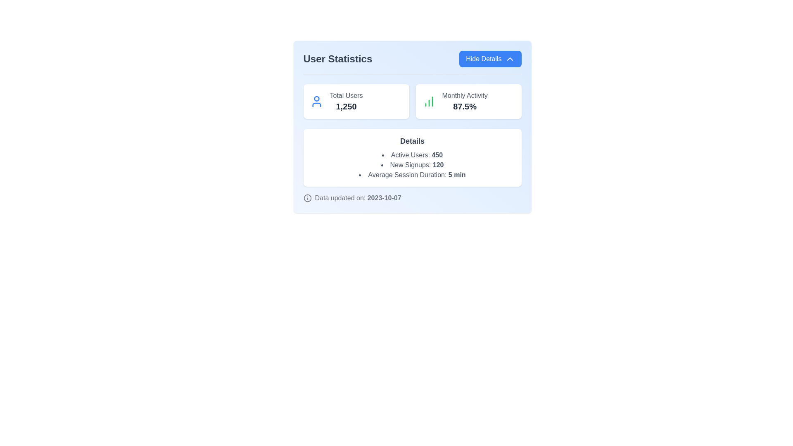 Image resolution: width=793 pixels, height=446 pixels. What do you see at coordinates (412, 165) in the screenshot?
I see `the static text element that displays the count of new user signups, specifically the entry showing '120' in the 'Details' statistics list` at bounding box center [412, 165].